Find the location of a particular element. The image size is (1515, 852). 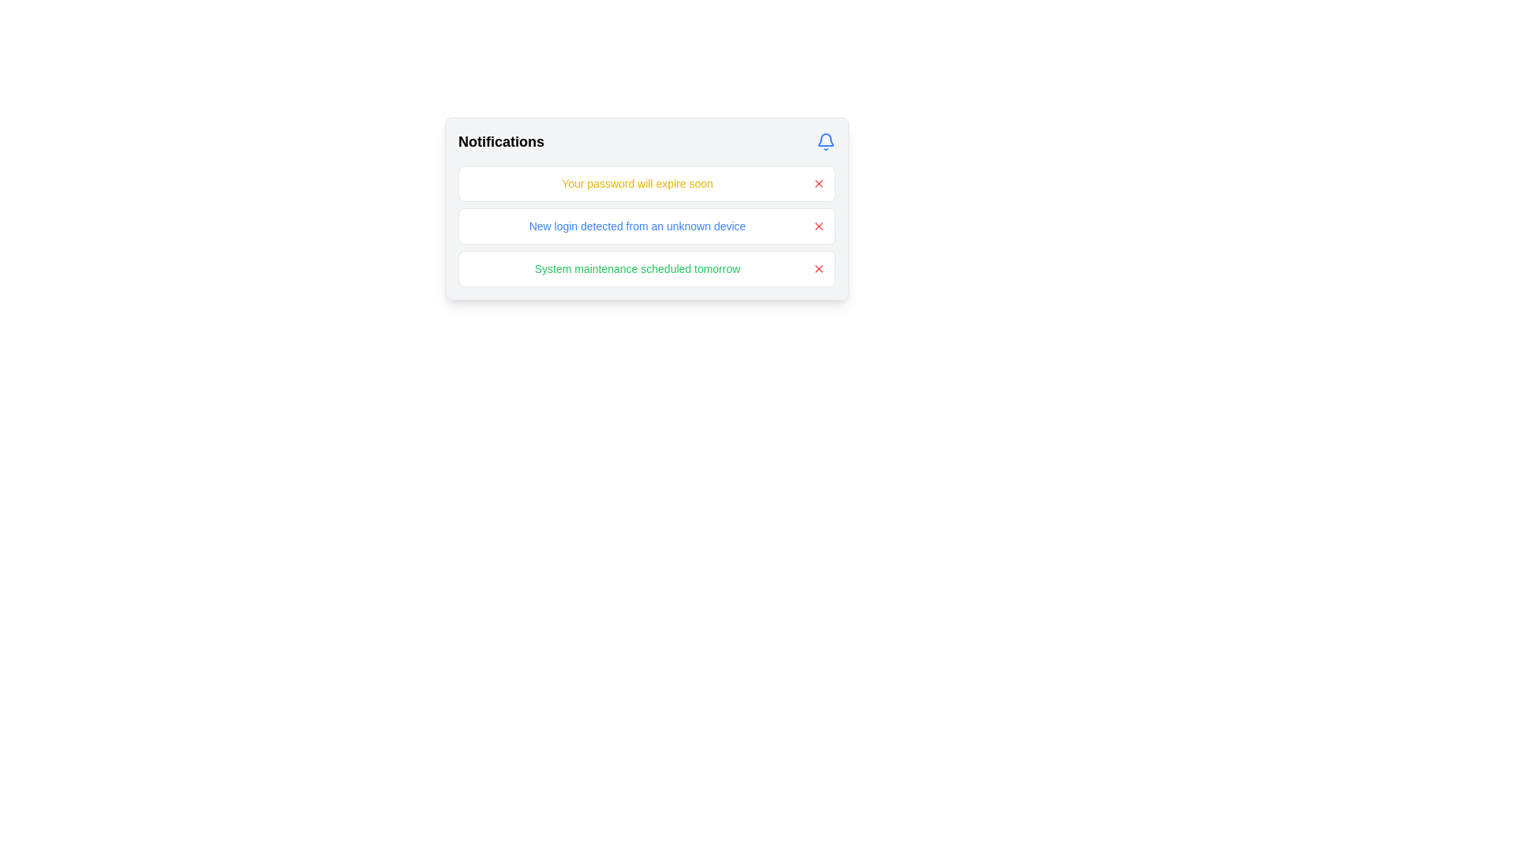

the text element that conveys information about a new login from an unrecognized device, positioned as the left-aligned main content in the second notification of a vertical list is located at coordinates (637, 226).